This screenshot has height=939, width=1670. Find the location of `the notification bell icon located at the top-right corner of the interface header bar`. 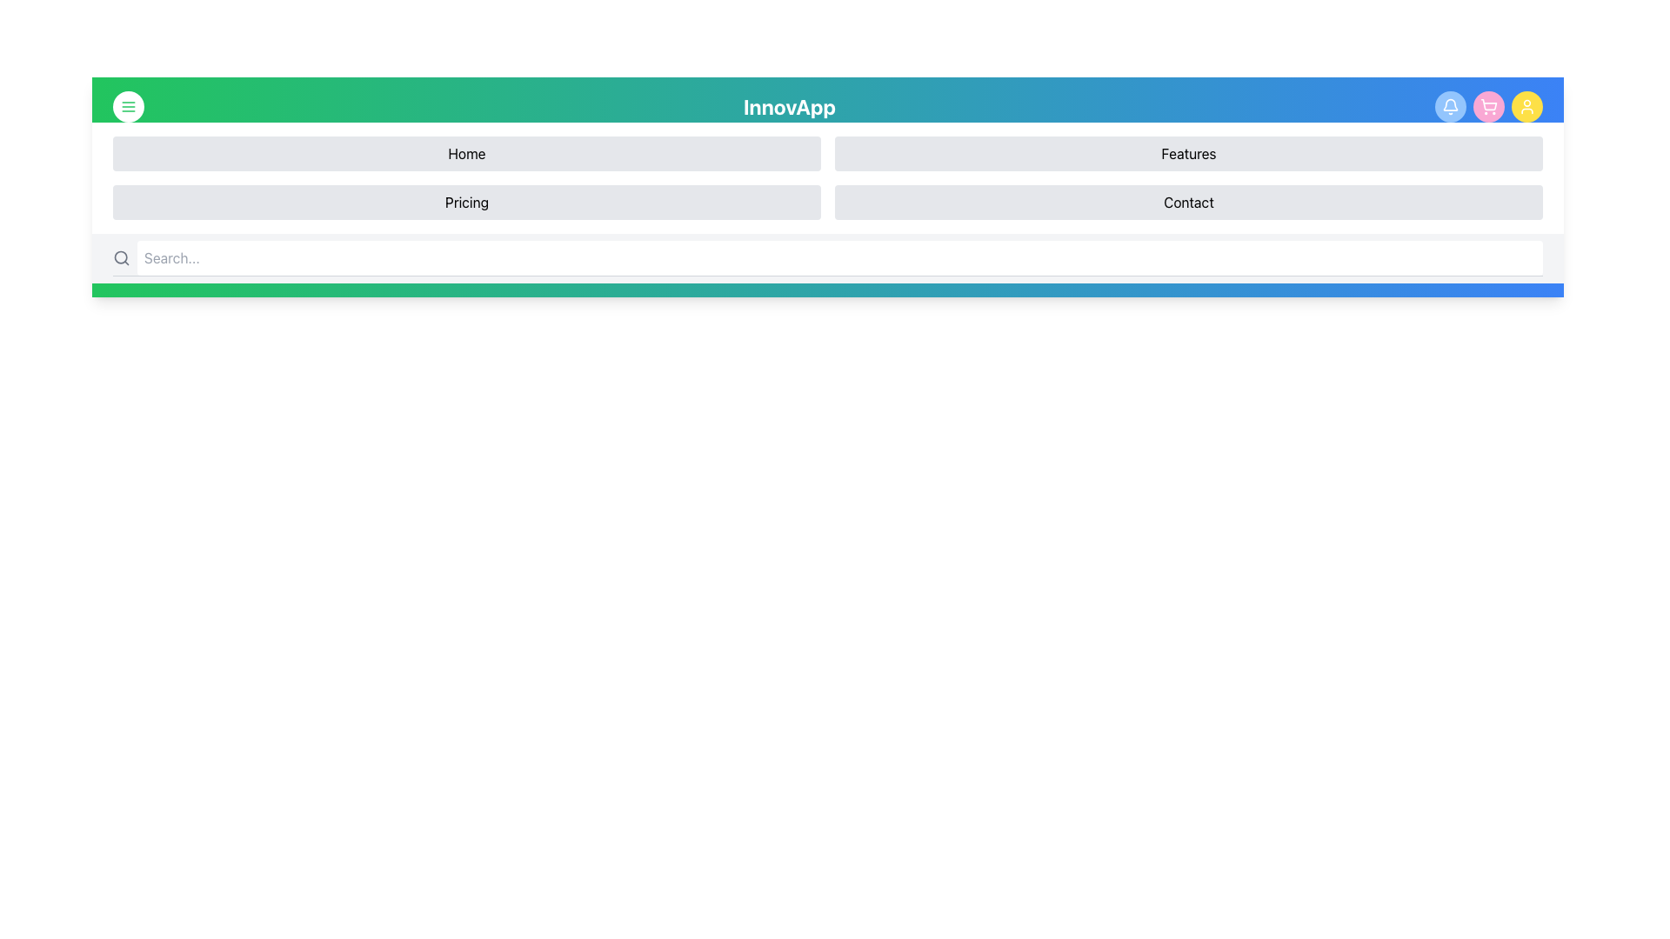

the notification bell icon located at the top-right corner of the interface header bar is located at coordinates (1451, 107).